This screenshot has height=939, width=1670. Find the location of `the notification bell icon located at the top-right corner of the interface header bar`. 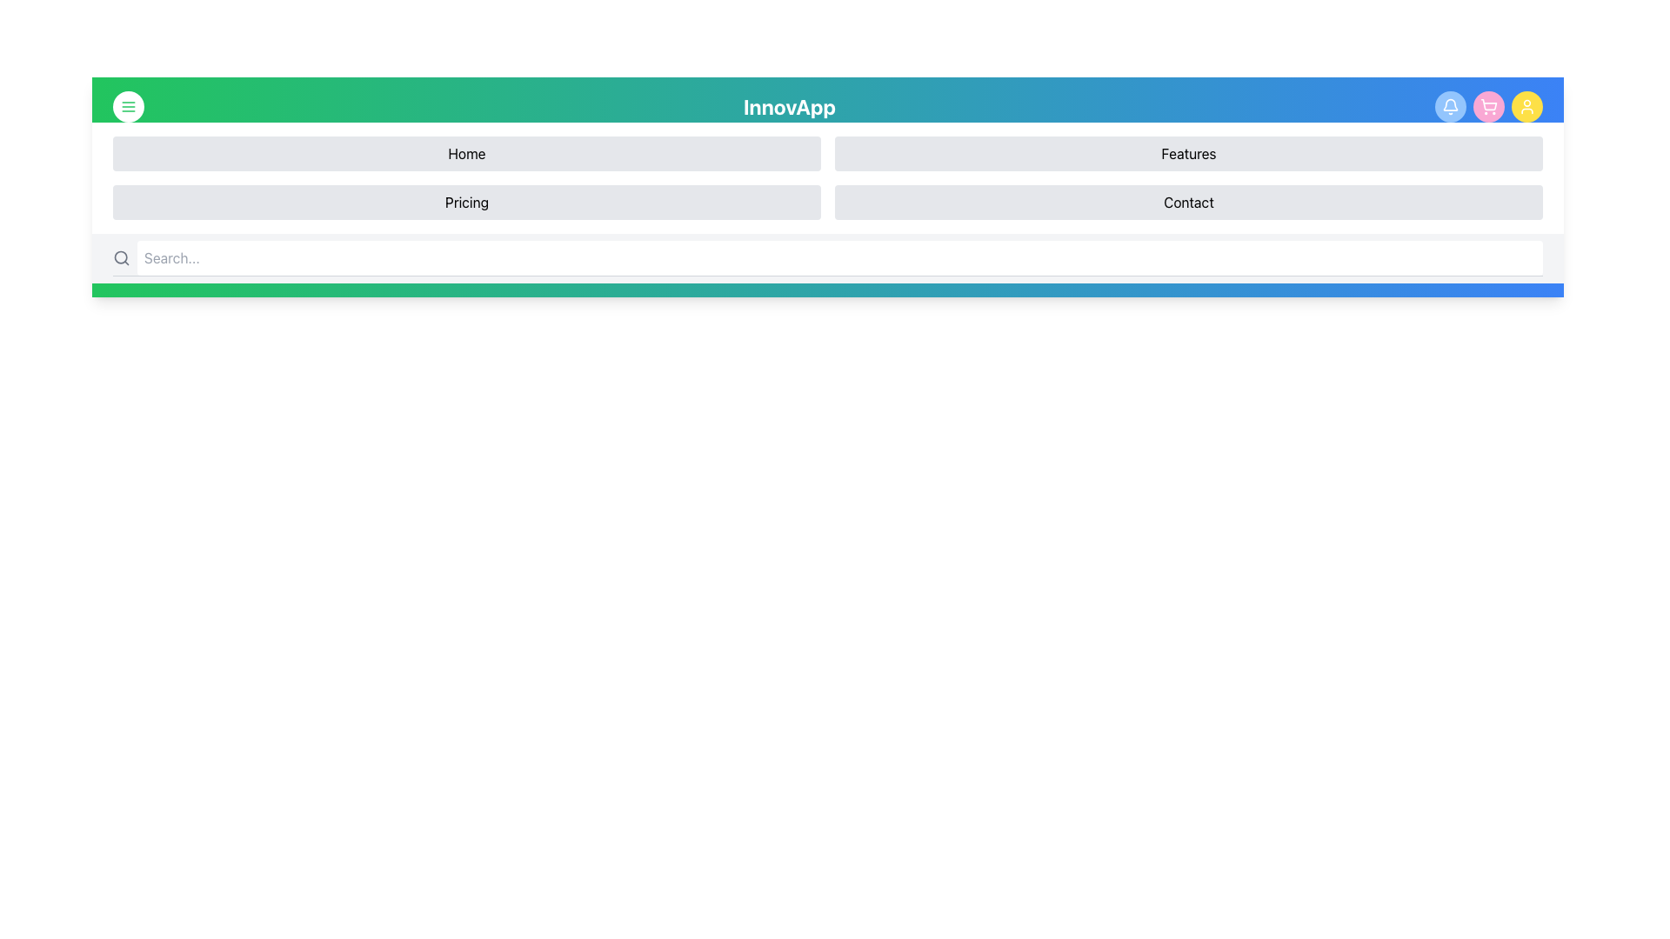

the notification bell icon located at the top-right corner of the interface header bar is located at coordinates (1451, 107).